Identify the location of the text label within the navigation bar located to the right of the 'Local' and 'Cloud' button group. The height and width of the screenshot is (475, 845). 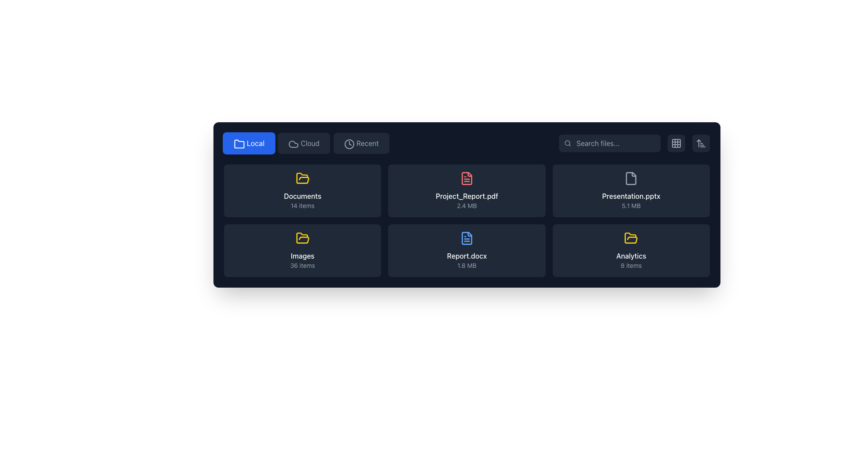
(367, 143).